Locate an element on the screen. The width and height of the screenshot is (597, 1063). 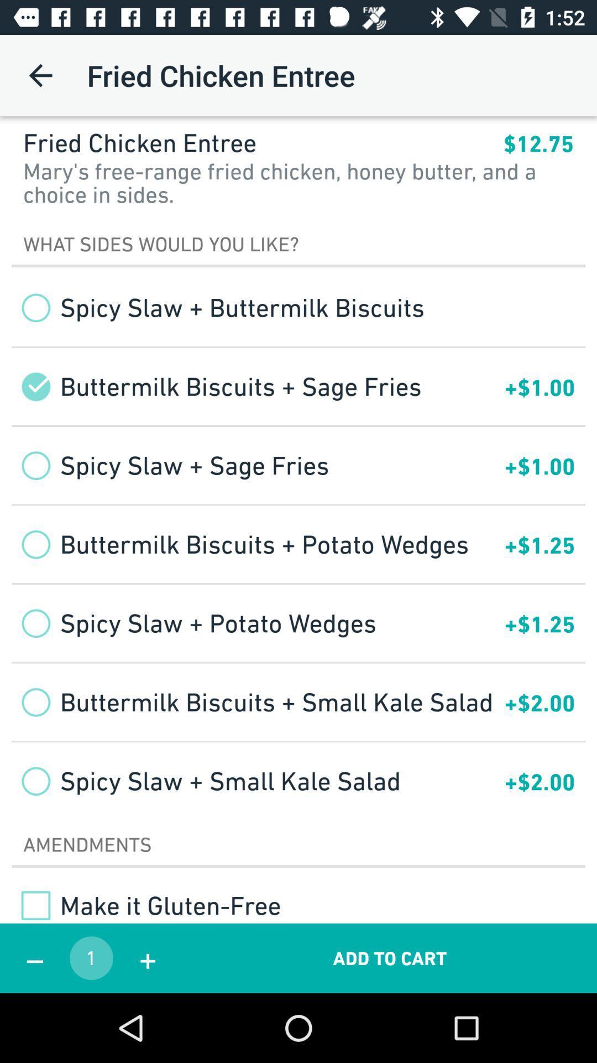
icon above fried chicken entree item is located at coordinates (40, 75).